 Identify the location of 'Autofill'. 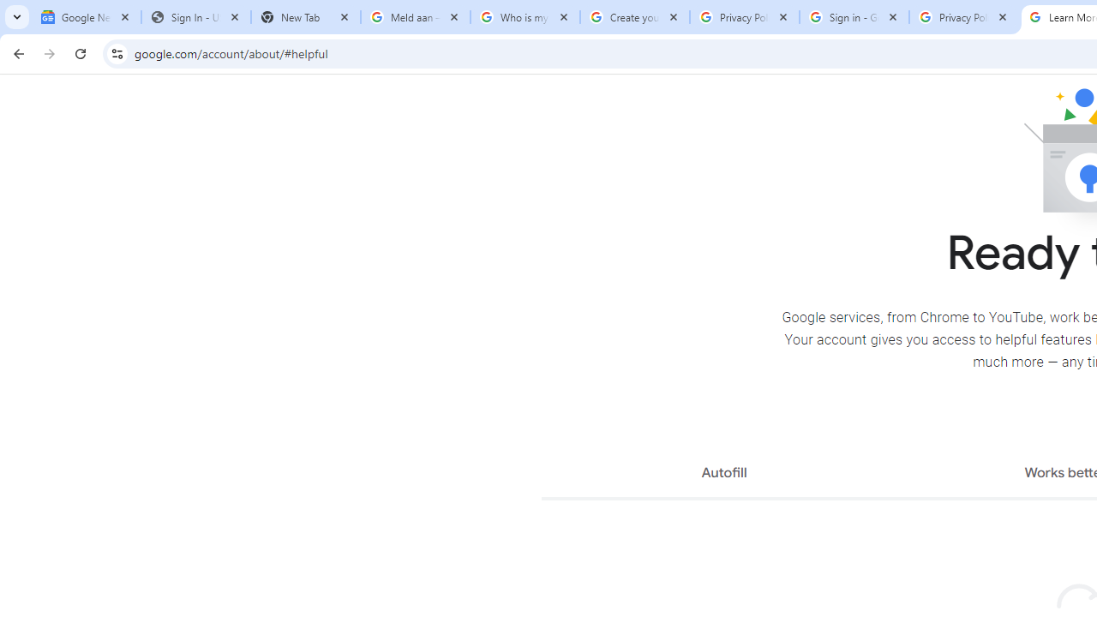
(723, 475).